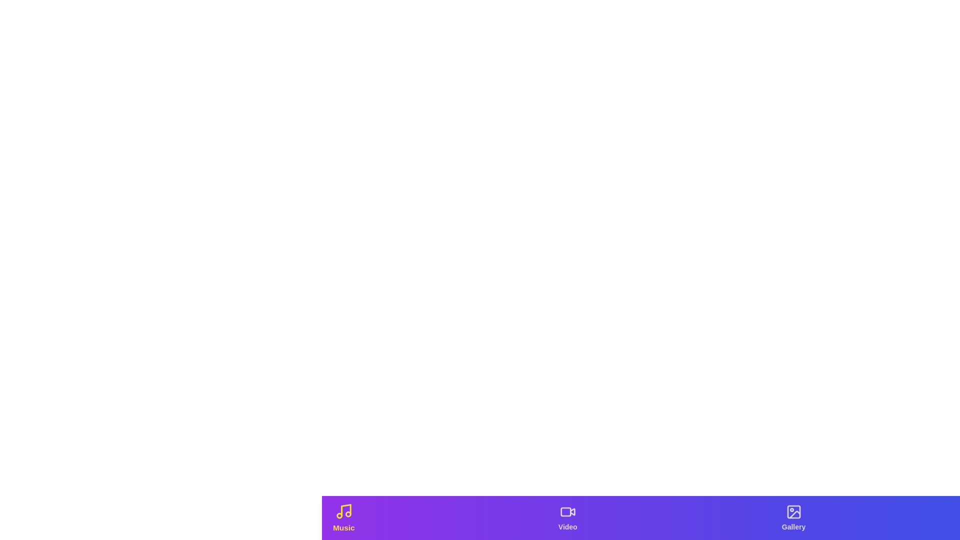 The width and height of the screenshot is (960, 540). I want to click on the Gallery tab from the navigation bar, so click(793, 517).